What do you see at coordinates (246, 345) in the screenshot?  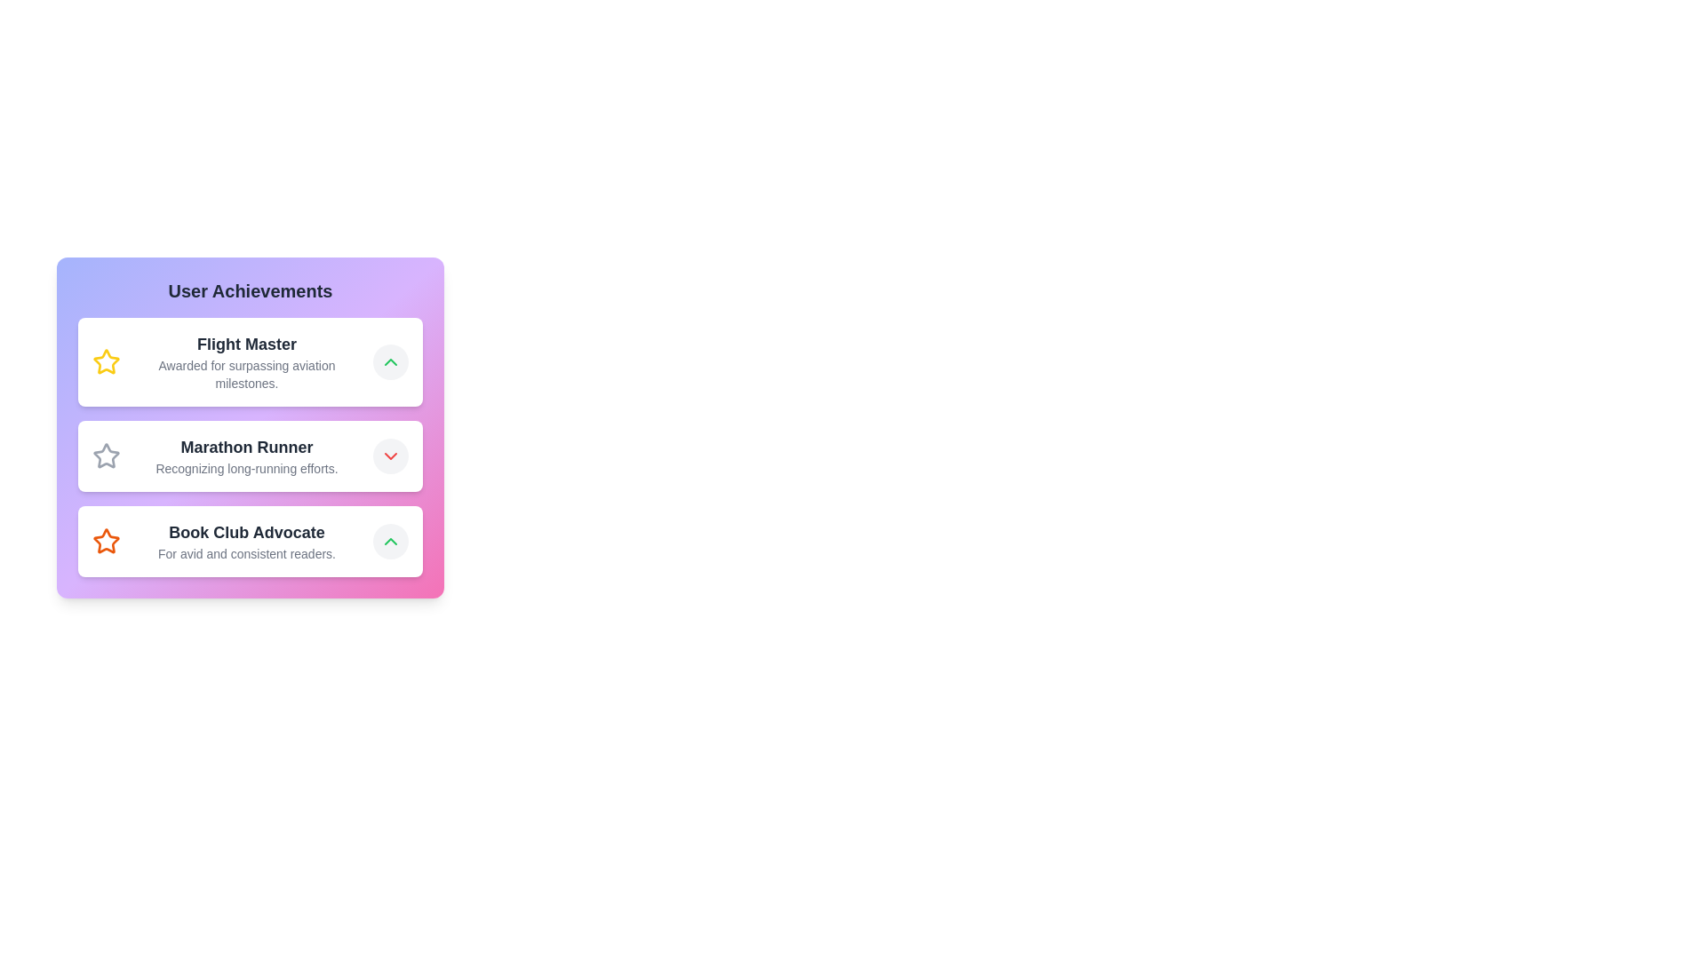 I see `the 'Flight Master' text label, which is bold and large, displayed in dark gray on a light background, located at the top of the achievements list` at bounding box center [246, 345].